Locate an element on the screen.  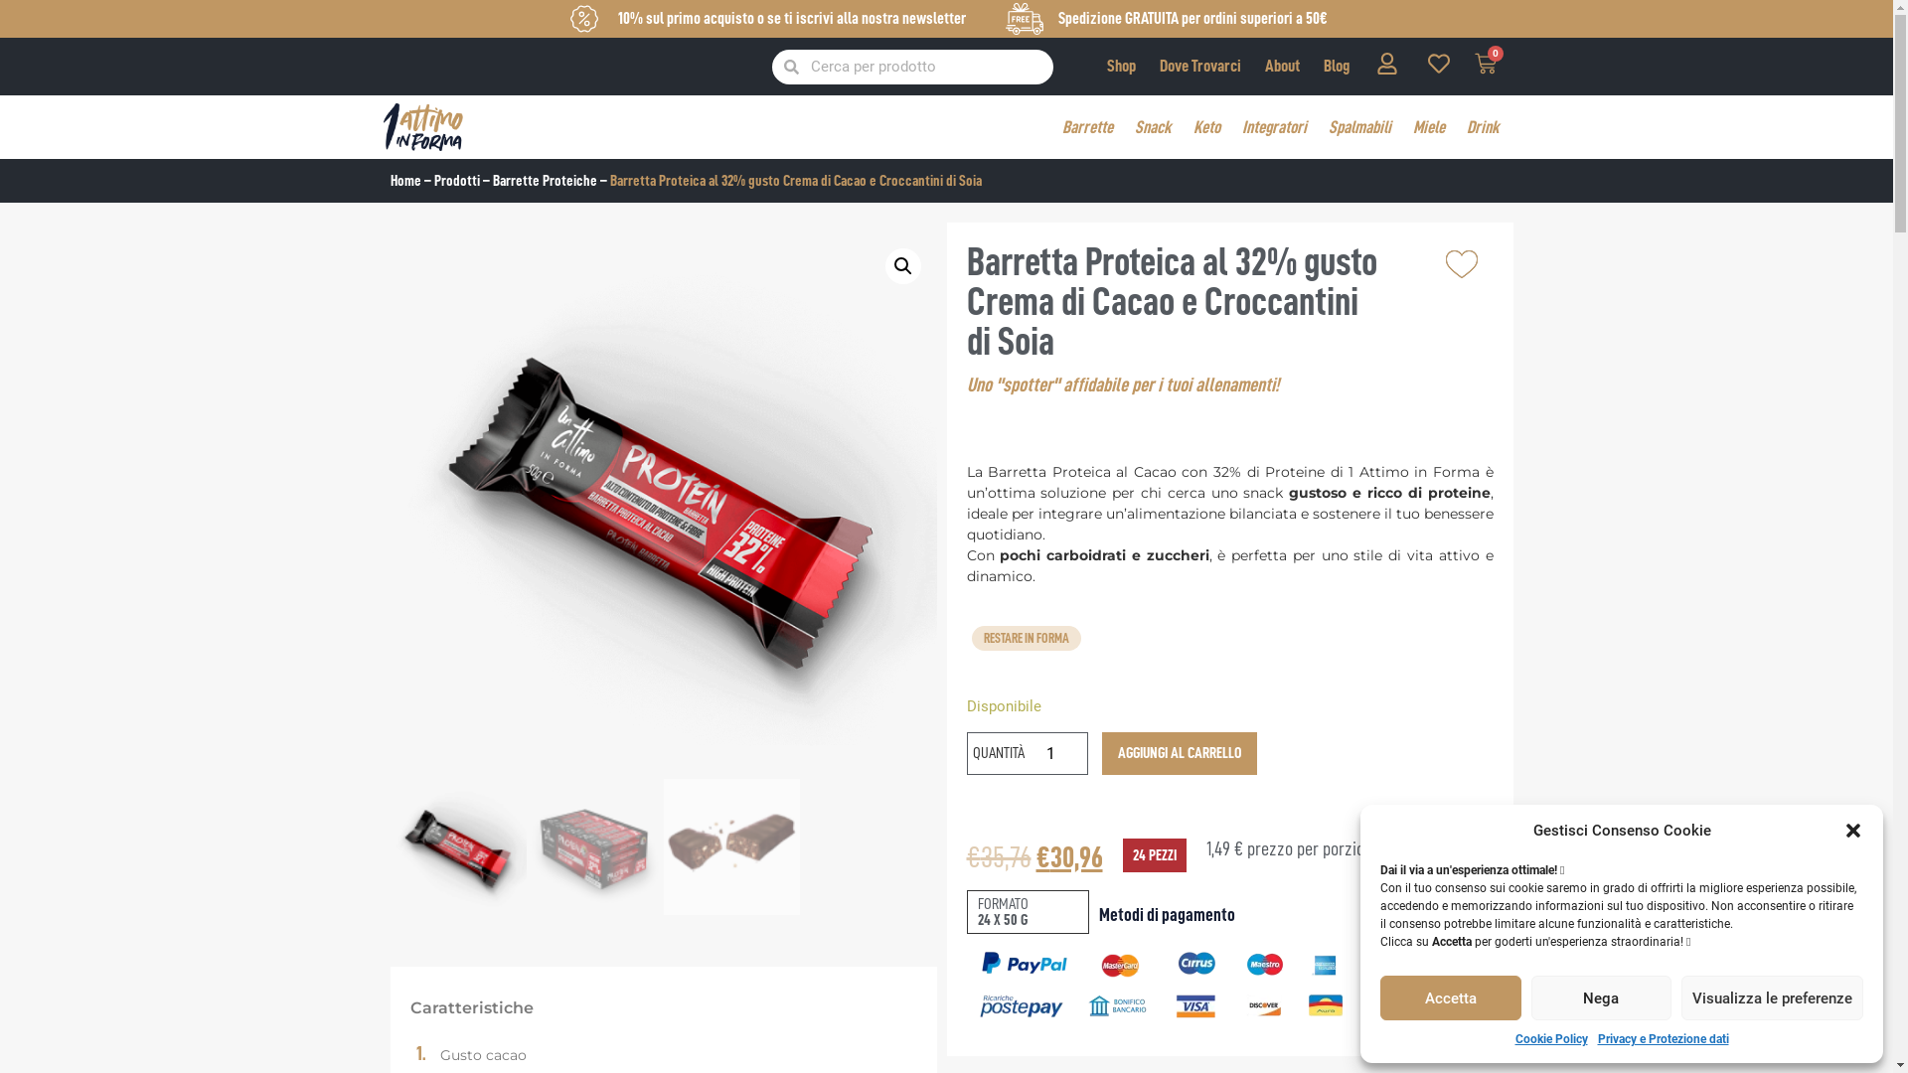
'Spalmabili' is located at coordinates (1357, 126).